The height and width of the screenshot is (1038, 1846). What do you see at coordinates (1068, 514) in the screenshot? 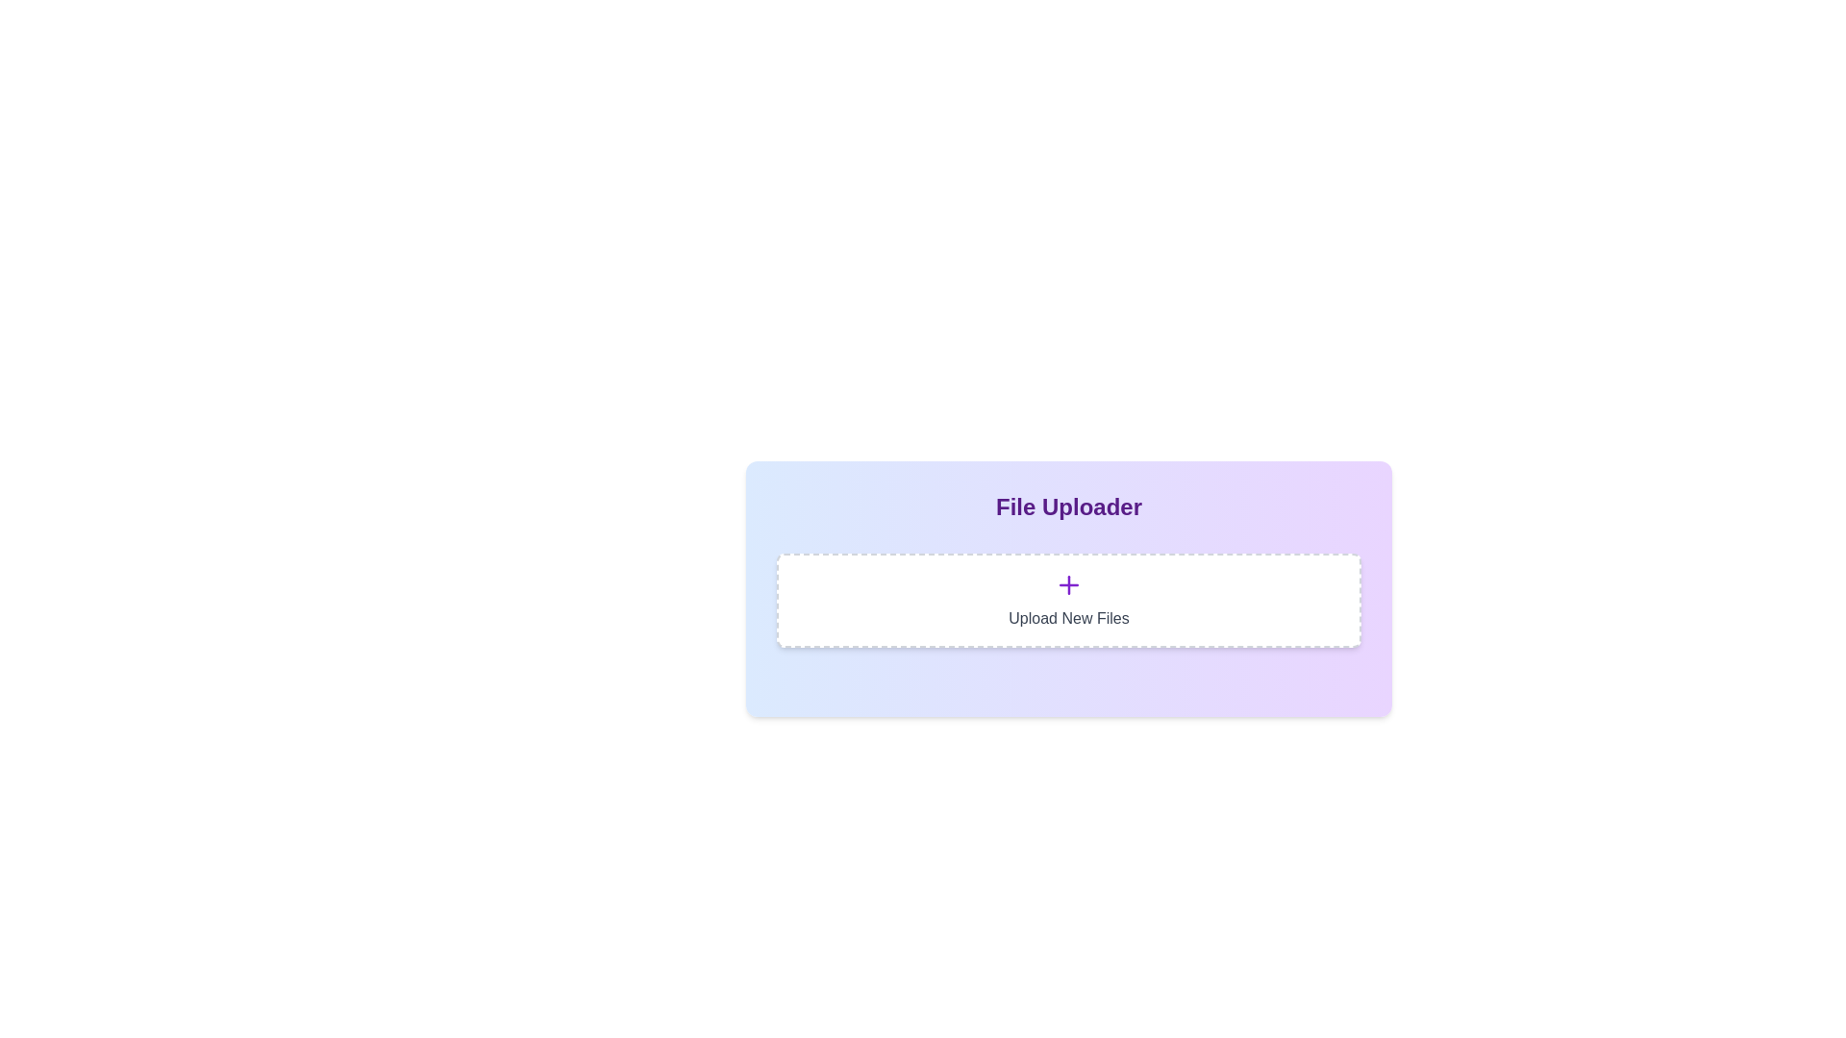
I see `the 'File Uploader' text header, which is styled in bold, large purple font and positioned at the top of the 'File Uploader' interface` at bounding box center [1068, 514].